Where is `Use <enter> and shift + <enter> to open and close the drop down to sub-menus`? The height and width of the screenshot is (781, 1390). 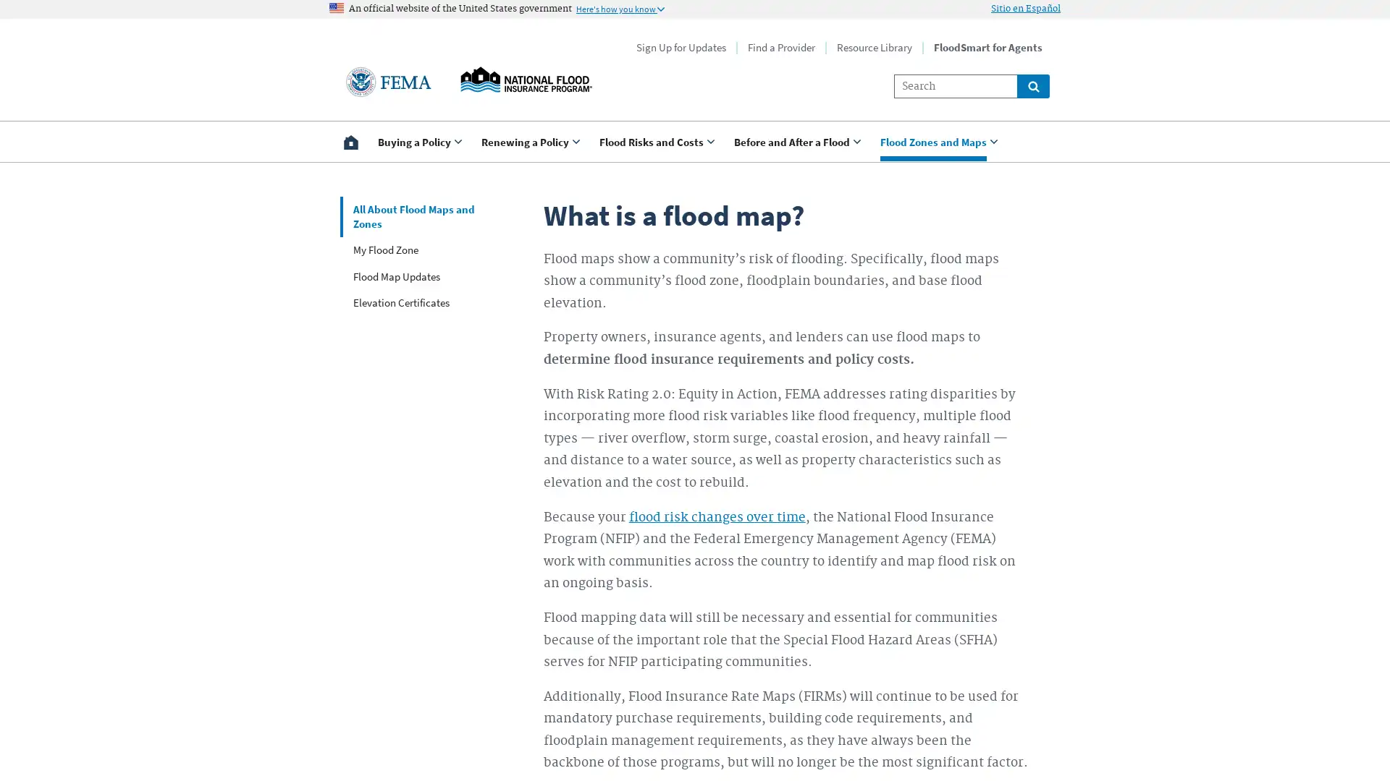 Use <enter> and shift + <enter> to open and close the drop down to sub-menus is located at coordinates (532, 141).